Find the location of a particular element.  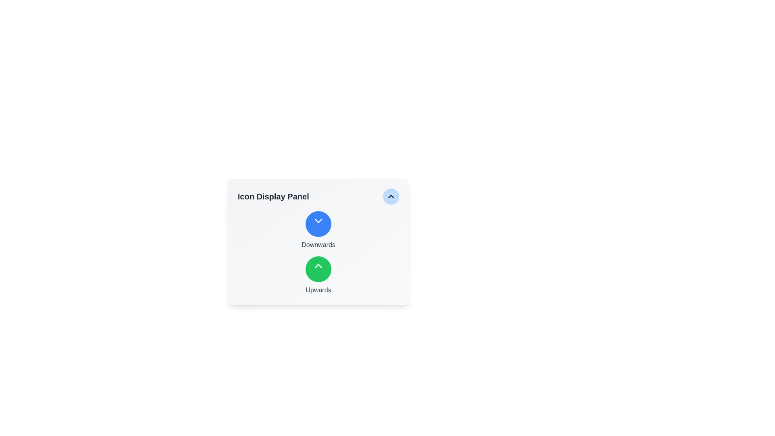

the downwards button located within the 'Icon Display Panel', which is characterized by a blue circular icon labeled 'Downwards' beneath it is located at coordinates (318, 241).